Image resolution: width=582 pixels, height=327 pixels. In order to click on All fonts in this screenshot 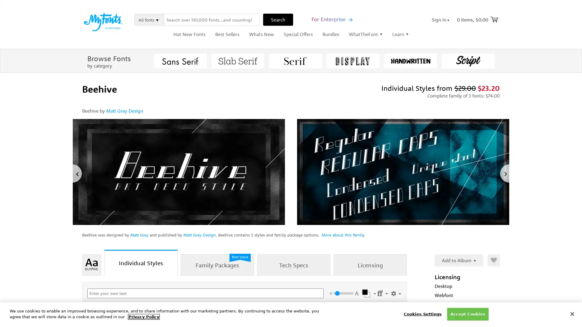, I will do `click(149, 19)`.